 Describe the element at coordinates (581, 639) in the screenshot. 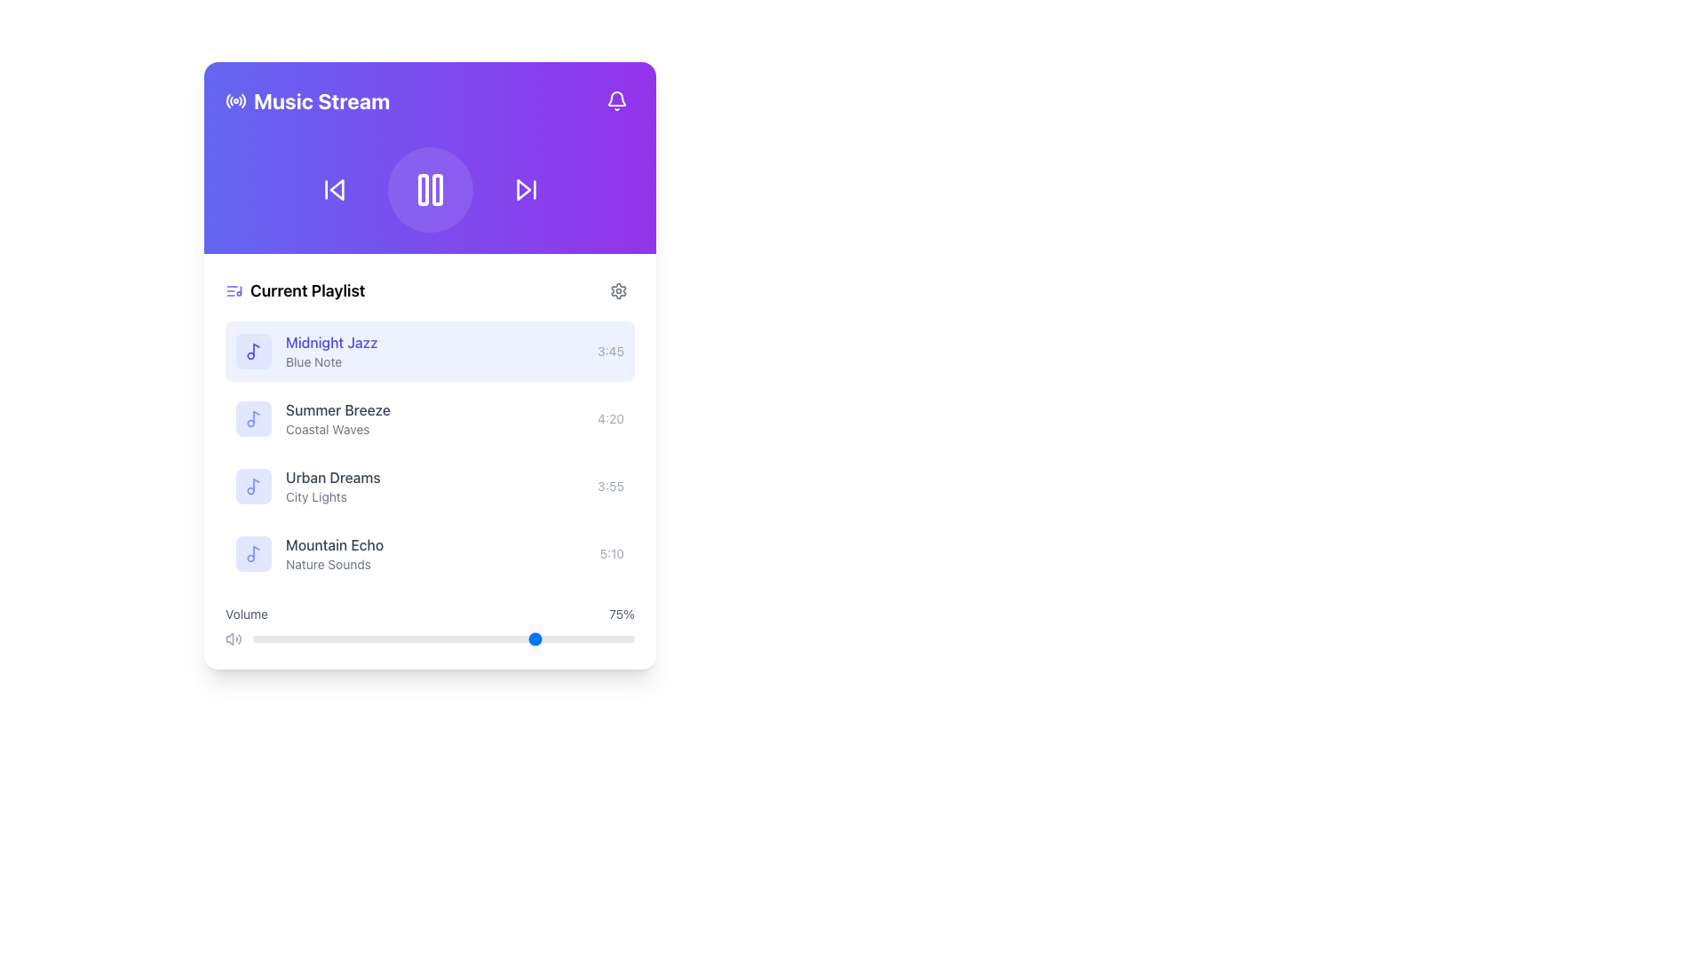

I see `the volume slider` at that location.